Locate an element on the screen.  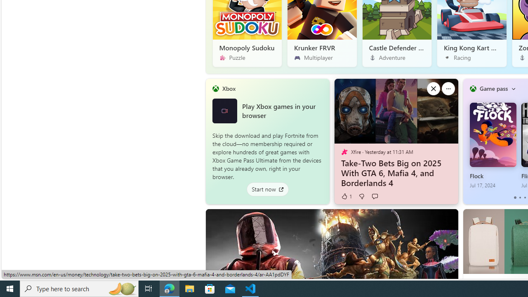
'Dislike' is located at coordinates (361, 196).